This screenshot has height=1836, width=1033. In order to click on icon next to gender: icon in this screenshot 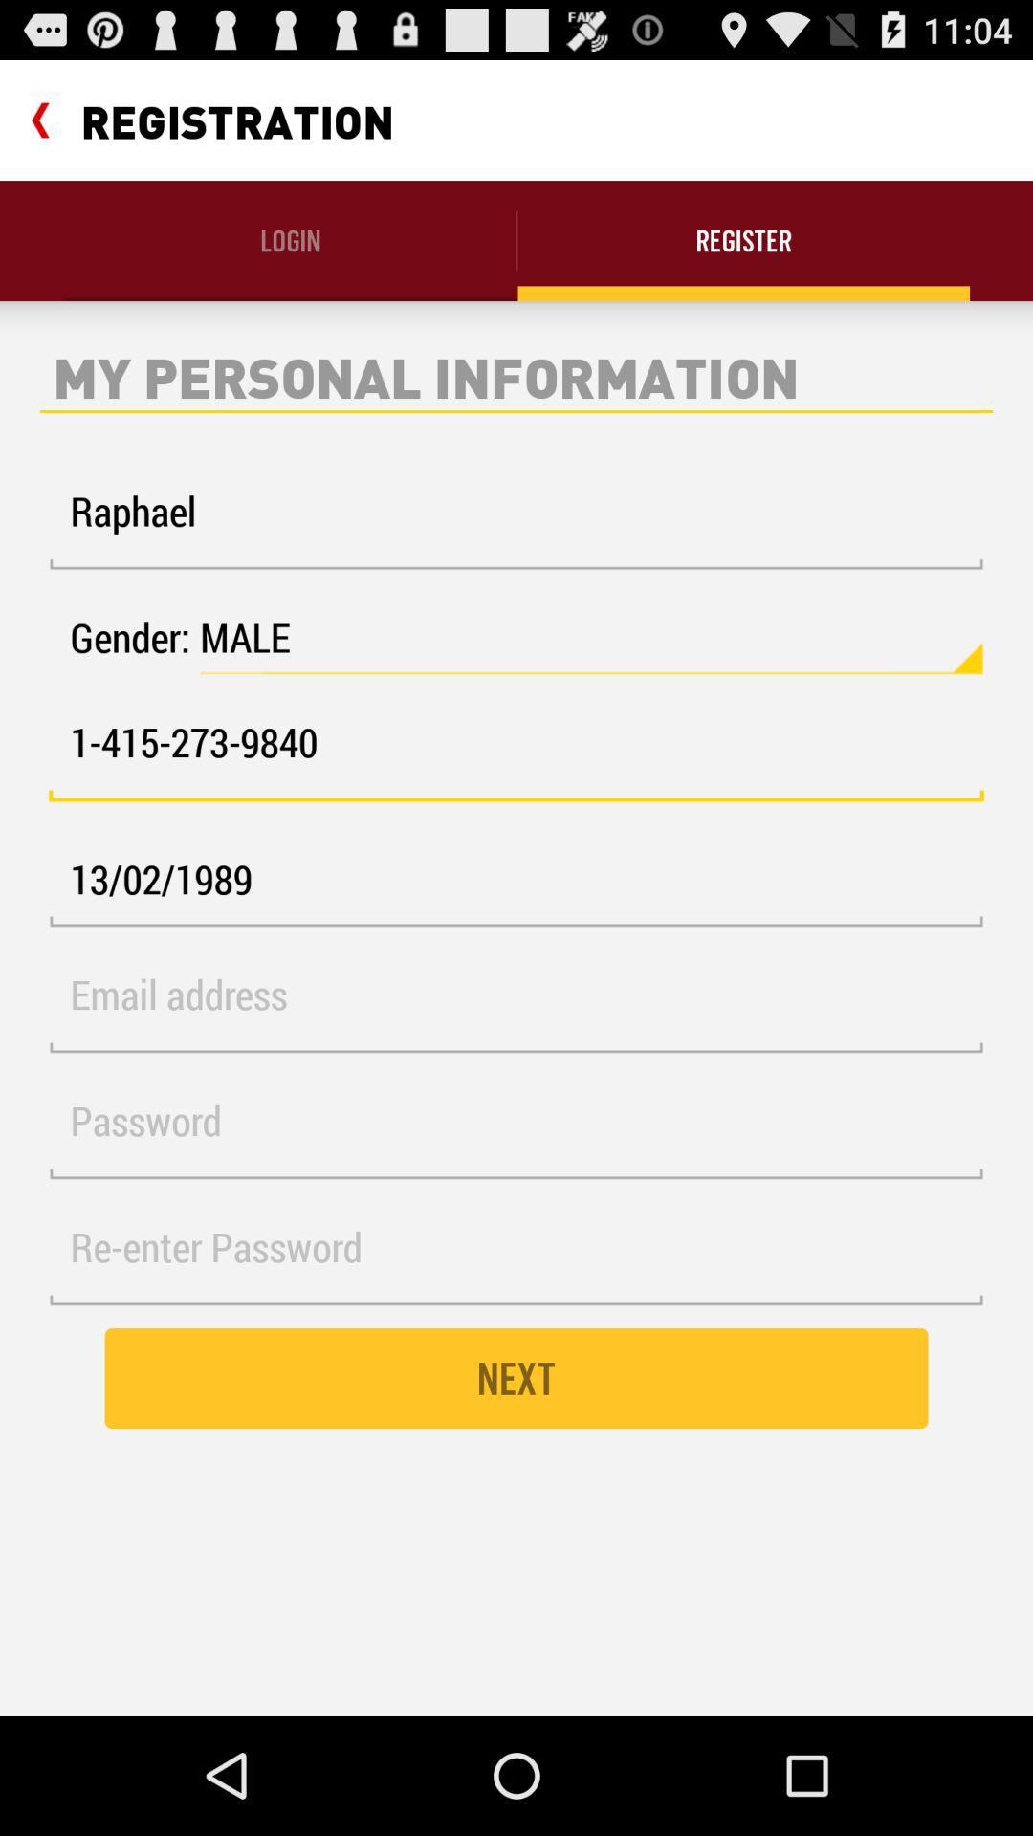, I will do `click(590, 638)`.